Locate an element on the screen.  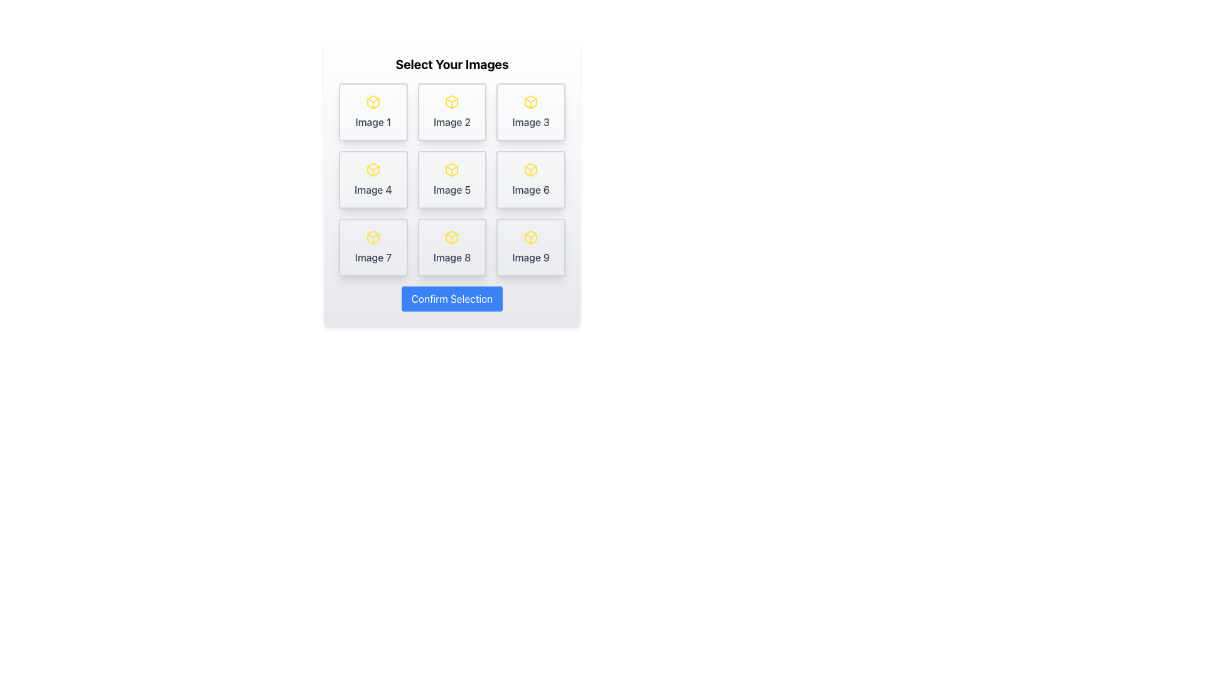
the icon located is located at coordinates (531, 169).